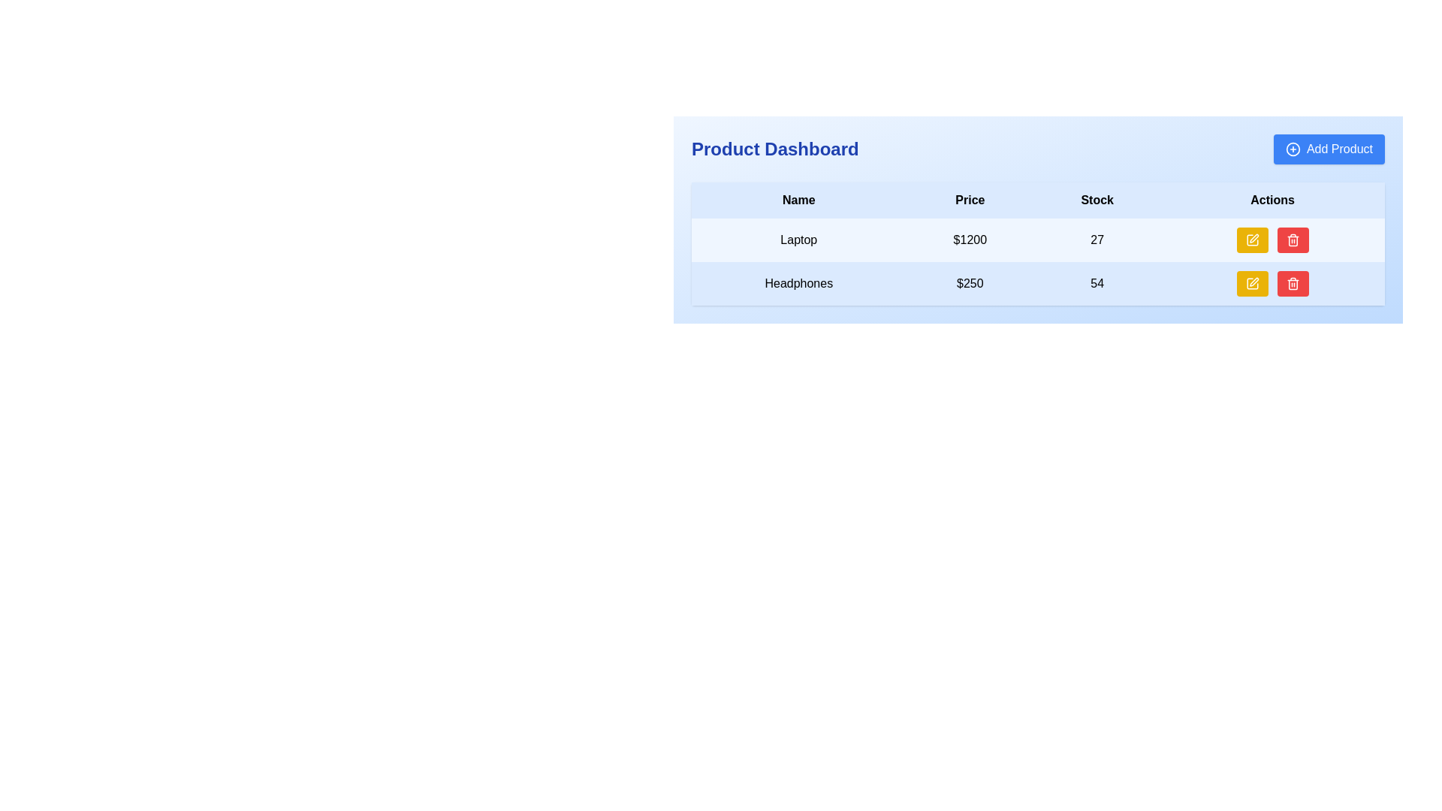 The width and height of the screenshot is (1442, 811). I want to click on the trash icon button with a red background in the 'Actions' column of the second row corresponding to 'Headphones' product, so click(1292, 240).